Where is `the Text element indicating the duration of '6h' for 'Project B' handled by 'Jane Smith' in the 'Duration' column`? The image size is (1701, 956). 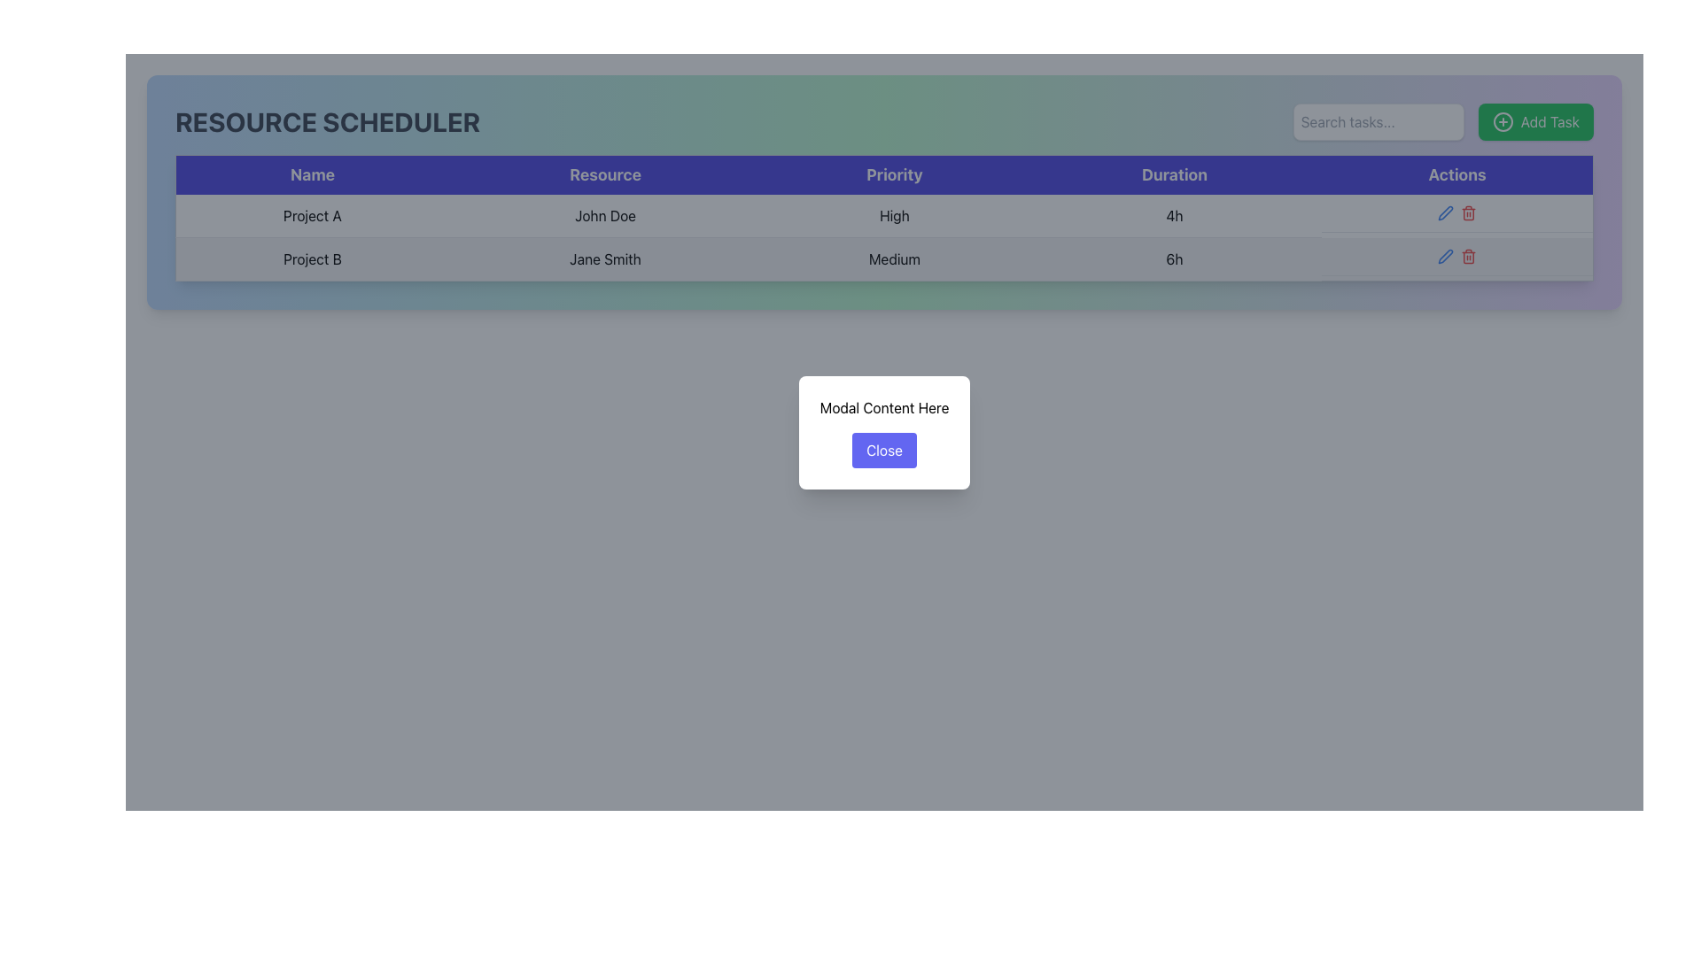 the Text element indicating the duration of '6h' for 'Project B' handled by 'Jane Smith' in the 'Duration' column is located at coordinates (1174, 259).